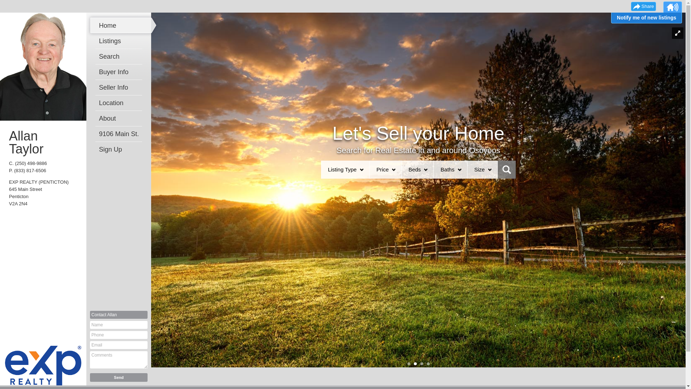 This screenshot has width=691, height=389. Describe the element at coordinates (643, 6) in the screenshot. I see `'Share'` at that location.